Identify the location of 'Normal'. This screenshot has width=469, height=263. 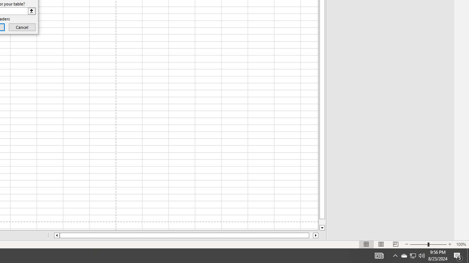
(366, 244).